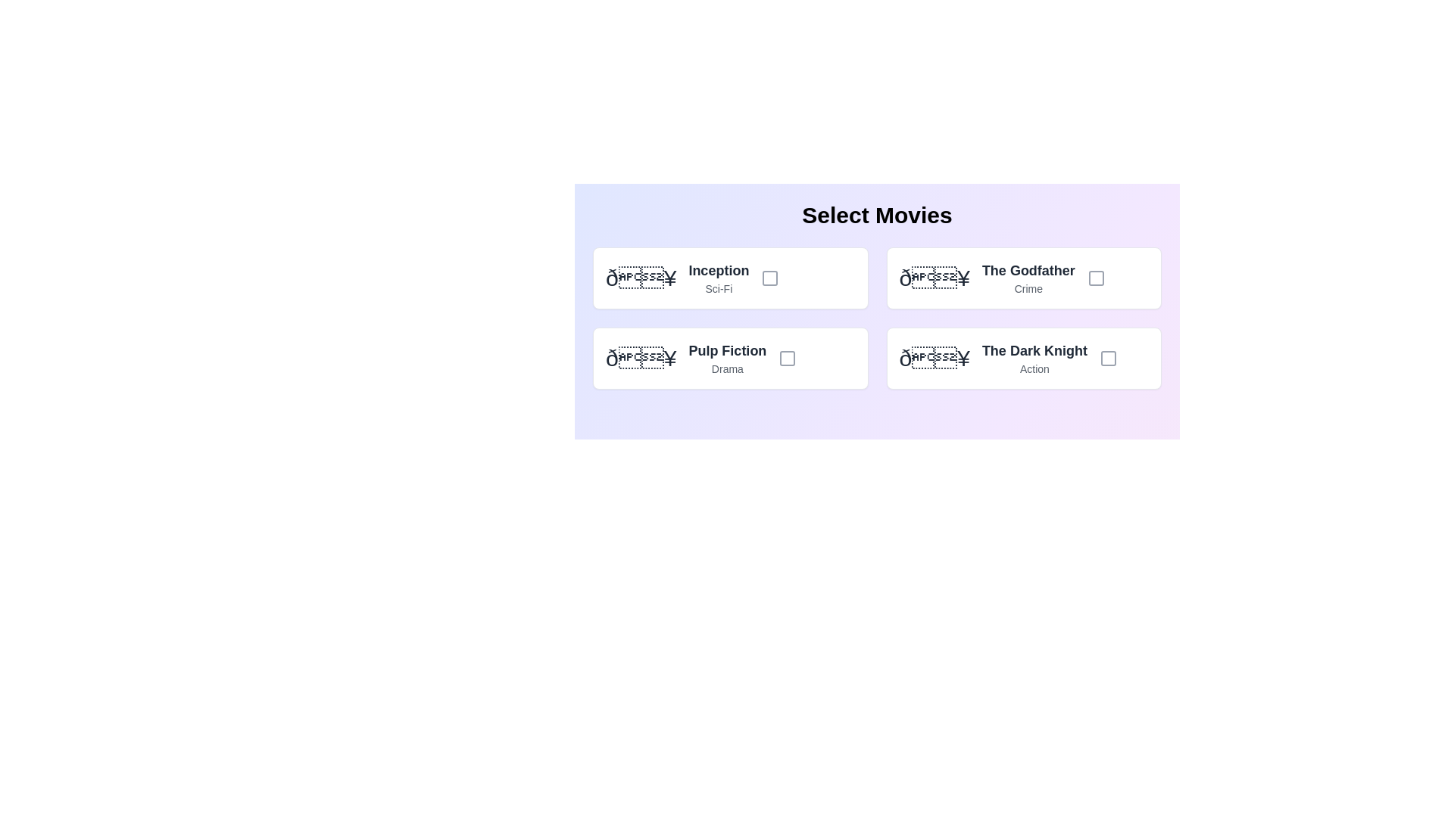 The image size is (1454, 817). Describe the element at coordinates (1024, 278) in the screenshot. I see `the movie card for The Godfather to select or deselect it` at that location.